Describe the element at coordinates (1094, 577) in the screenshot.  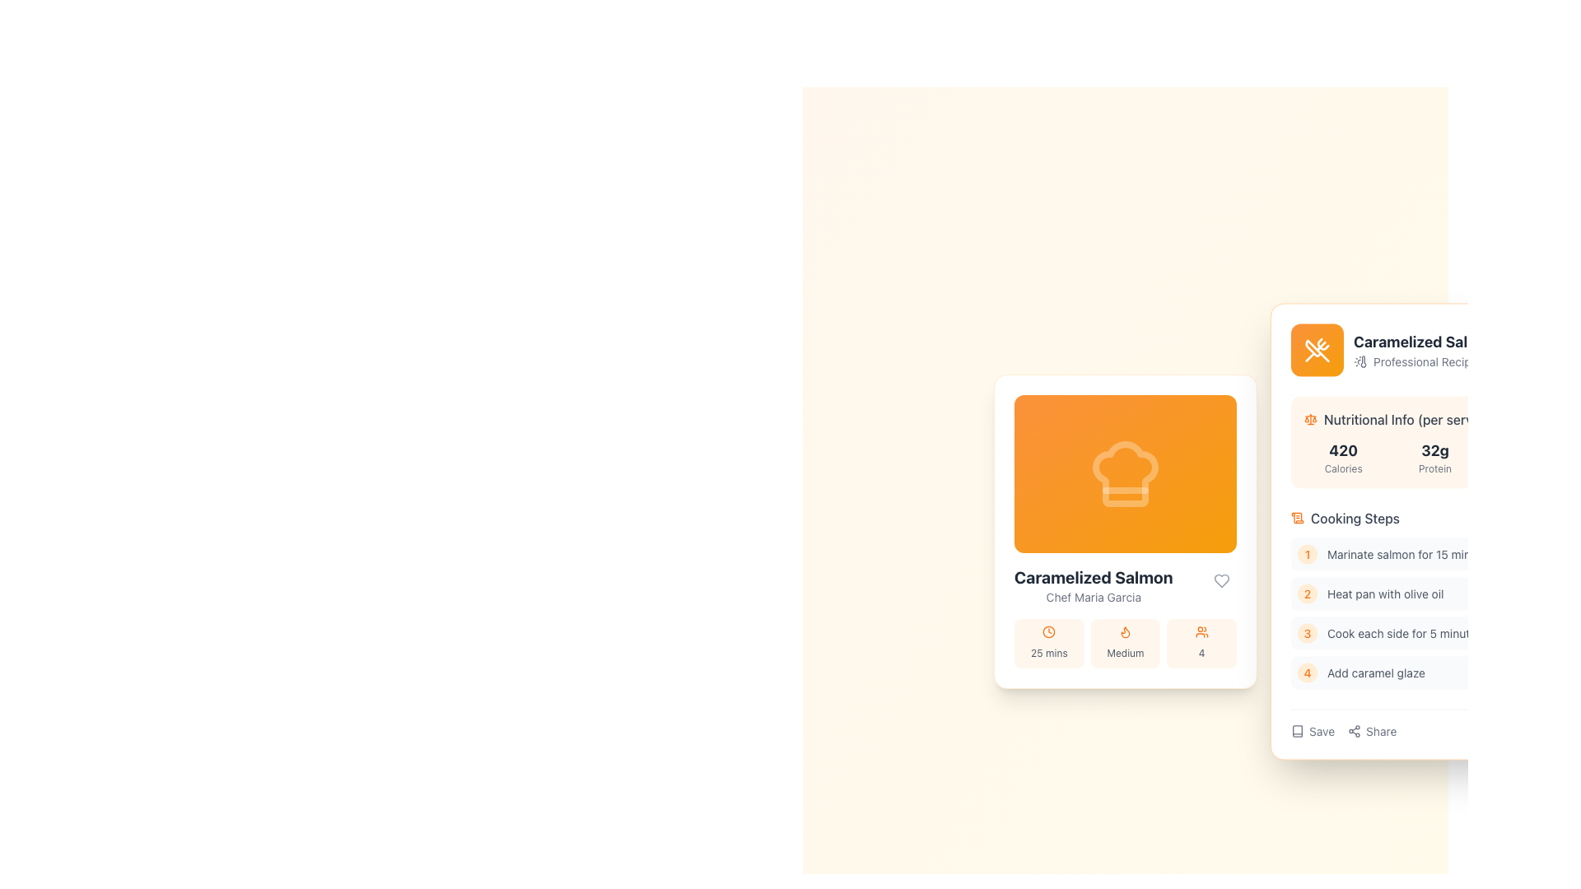
I see `the bold text 'Caramelized Salmon' which is located within a card-like UI design, positioned below an orange chef hat icon and above 'Chef Maria Garcia'` at that location.